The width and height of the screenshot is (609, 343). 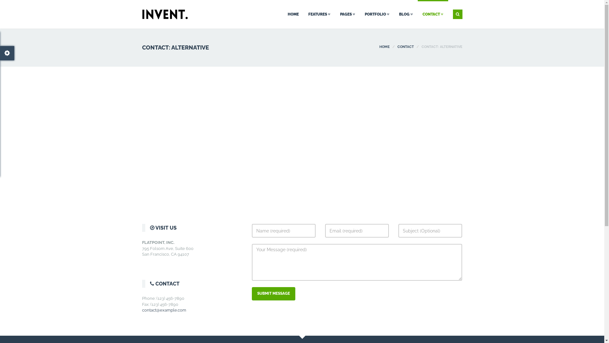 I want to click on 'FEATURES', so click(x=319, y=14).